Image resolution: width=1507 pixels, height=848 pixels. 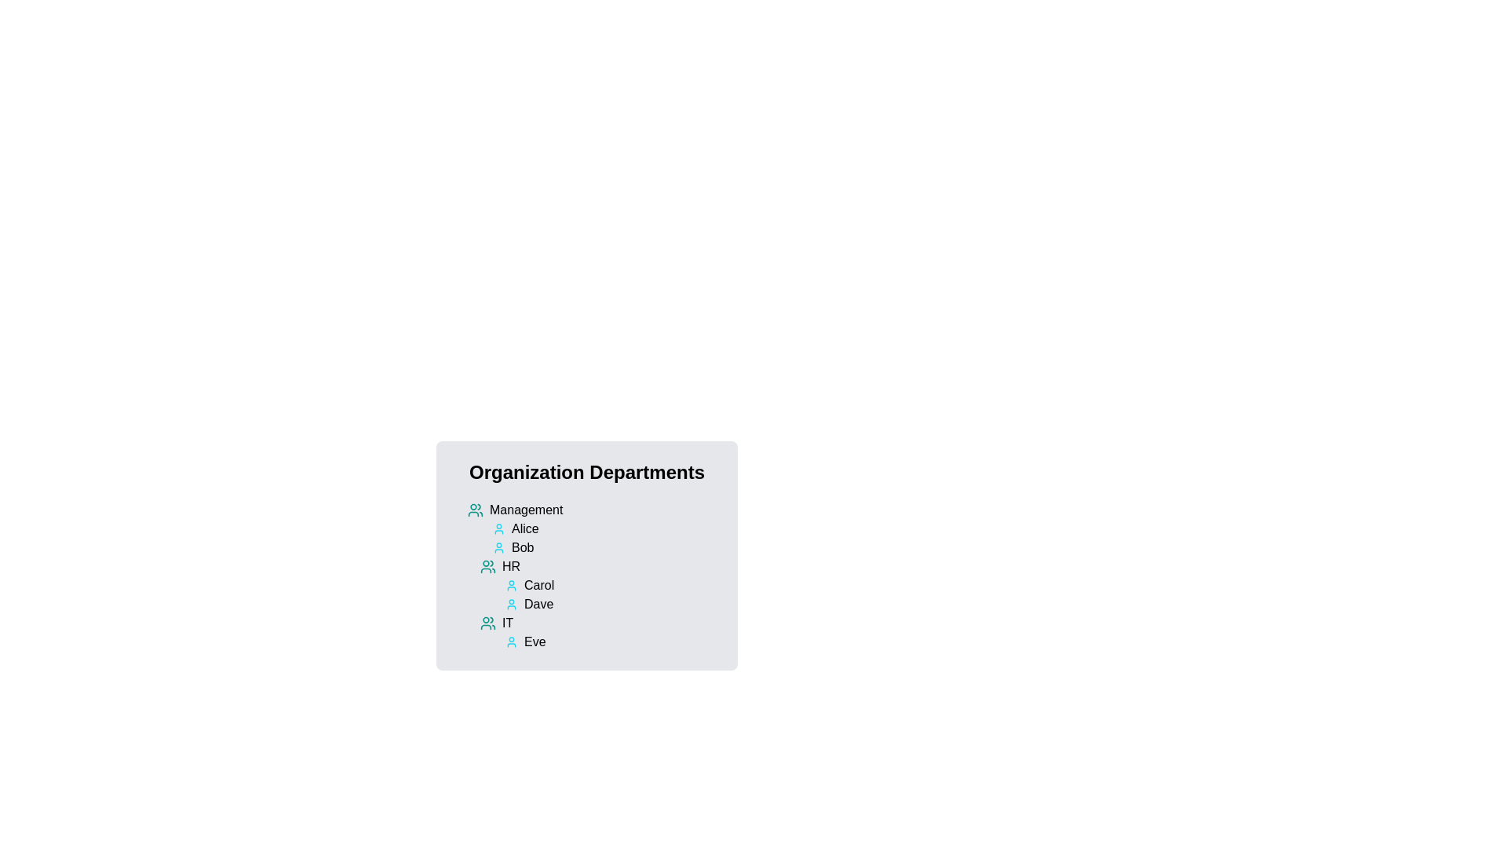 I want to click on text label that displays the title of a department or section within the organization structure, located in the list under the header 'Organization Departments', positioned to the right of a teal user icon, so click(x=526, y=510).